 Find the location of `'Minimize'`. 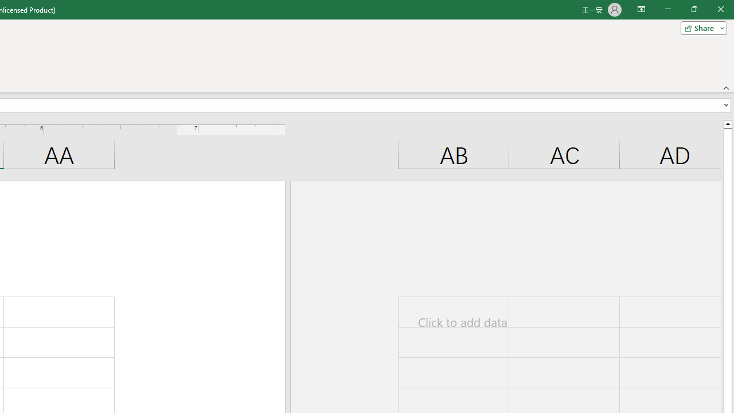

'Minimize' is located at coordinates (667, 9).